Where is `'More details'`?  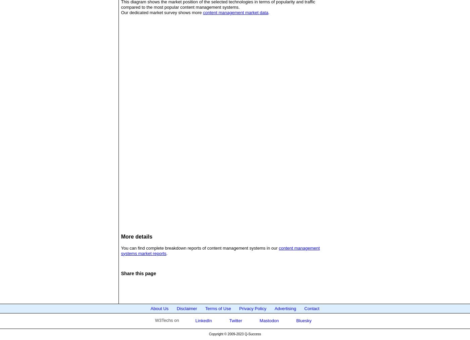 'More details' is located at coordinates (136, 236).